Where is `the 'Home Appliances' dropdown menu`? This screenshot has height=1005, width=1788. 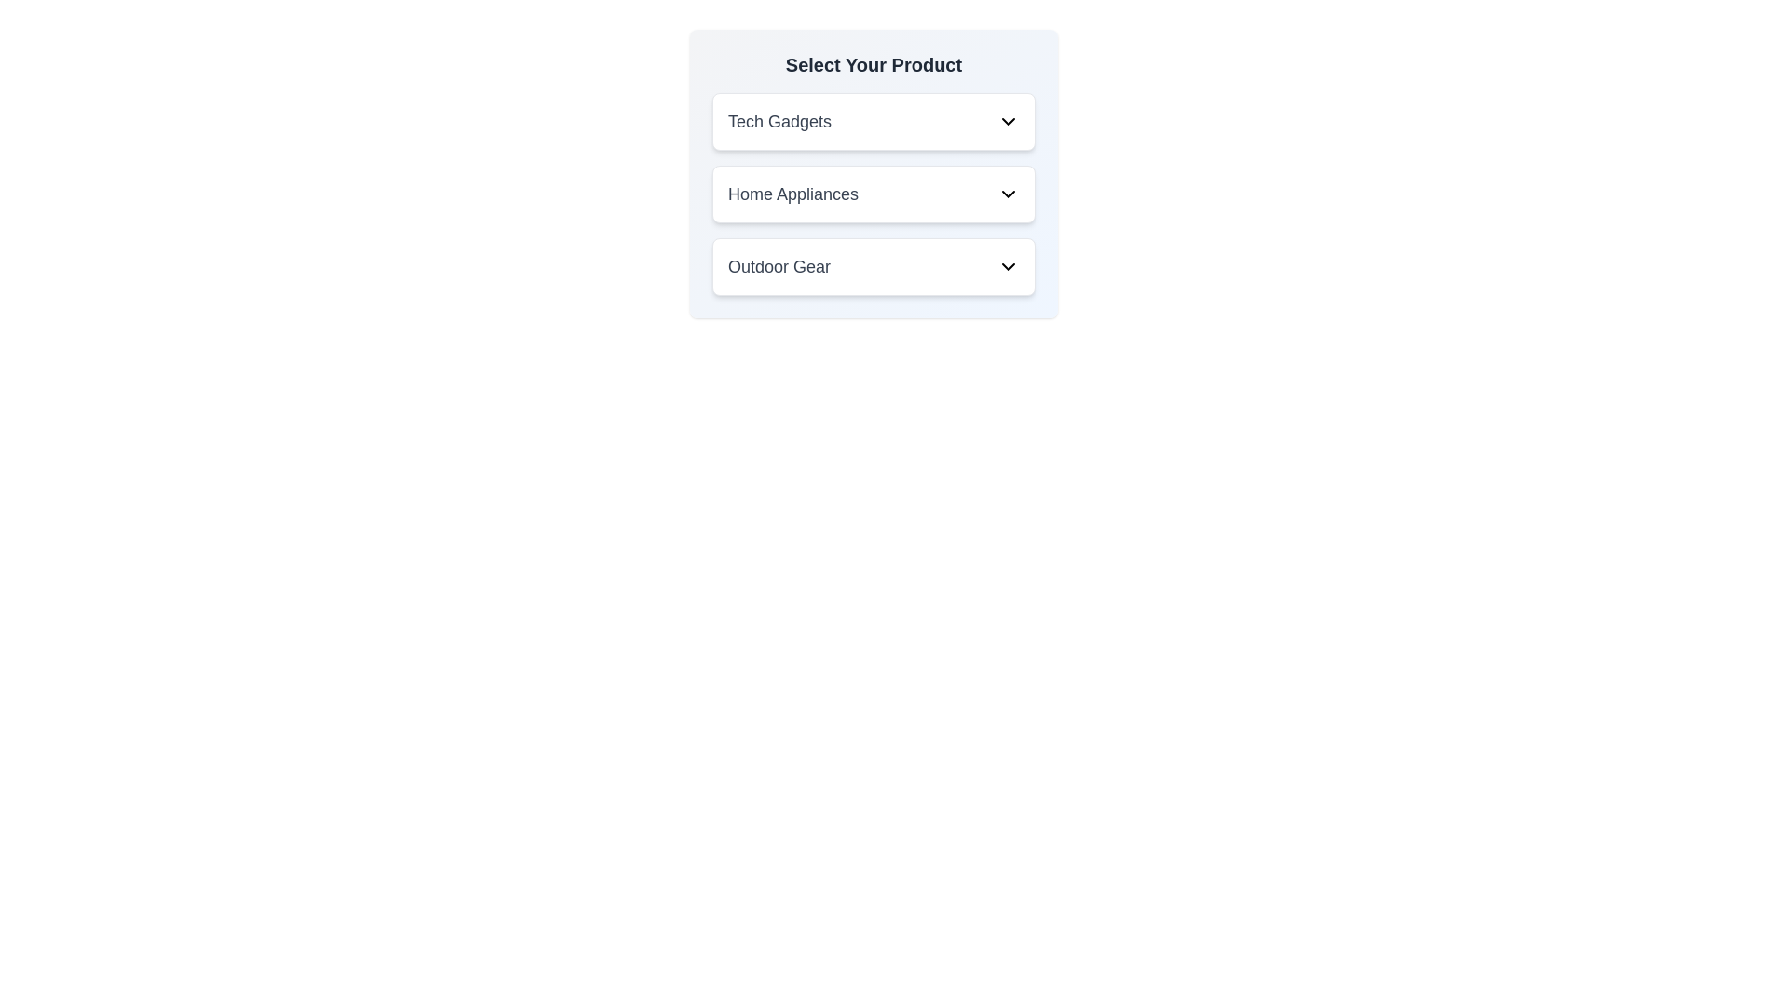
the 'Home Appliances' dropdown menu is located at coordinates (873, 173).